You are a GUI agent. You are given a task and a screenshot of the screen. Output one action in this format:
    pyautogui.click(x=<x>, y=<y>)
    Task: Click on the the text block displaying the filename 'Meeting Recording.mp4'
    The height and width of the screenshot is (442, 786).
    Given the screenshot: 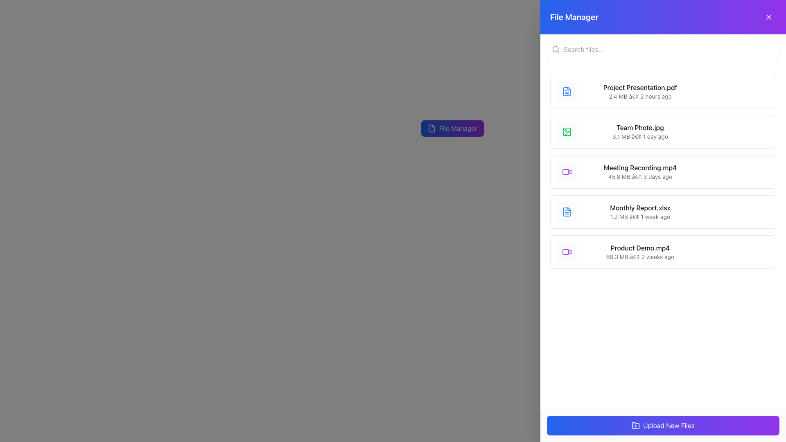 What is the action you would take?
    pyautogui.click(x=640, y=171)
    